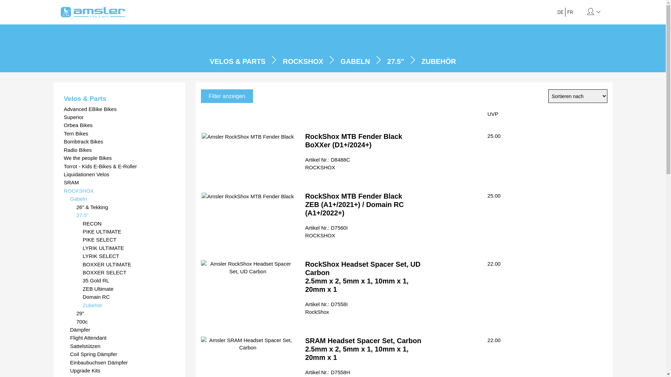 The height and width of the screenshot is (377, 671). What do you see at coordinates (129, 264) in the screenshot?
I see `'BOXXER ULTIMATE'` at bounding box center [129, 264].